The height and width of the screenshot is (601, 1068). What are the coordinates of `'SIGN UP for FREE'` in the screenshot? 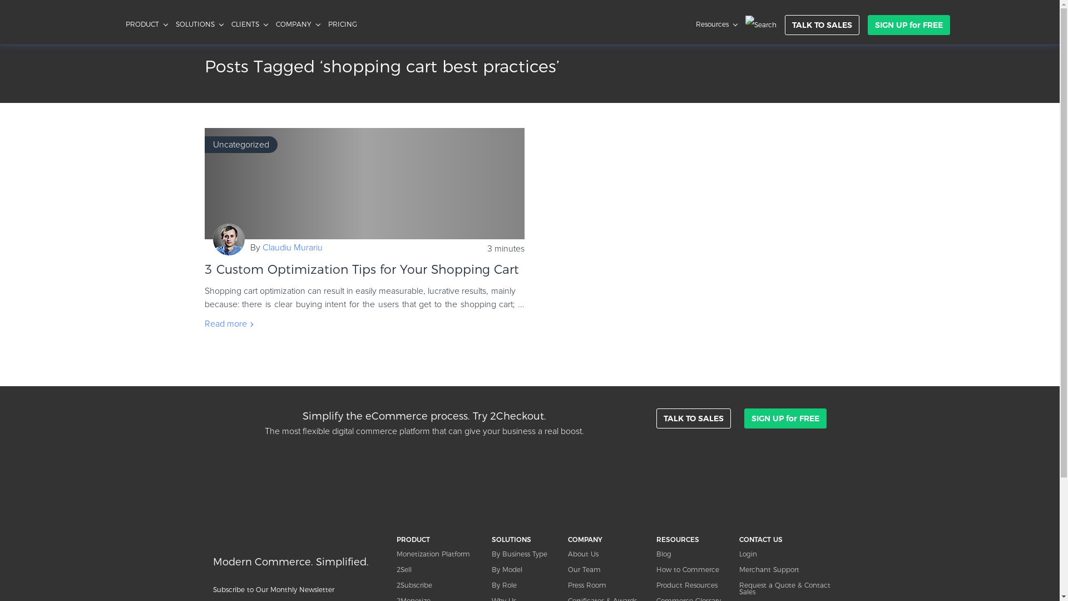 It's located at (908, 25).